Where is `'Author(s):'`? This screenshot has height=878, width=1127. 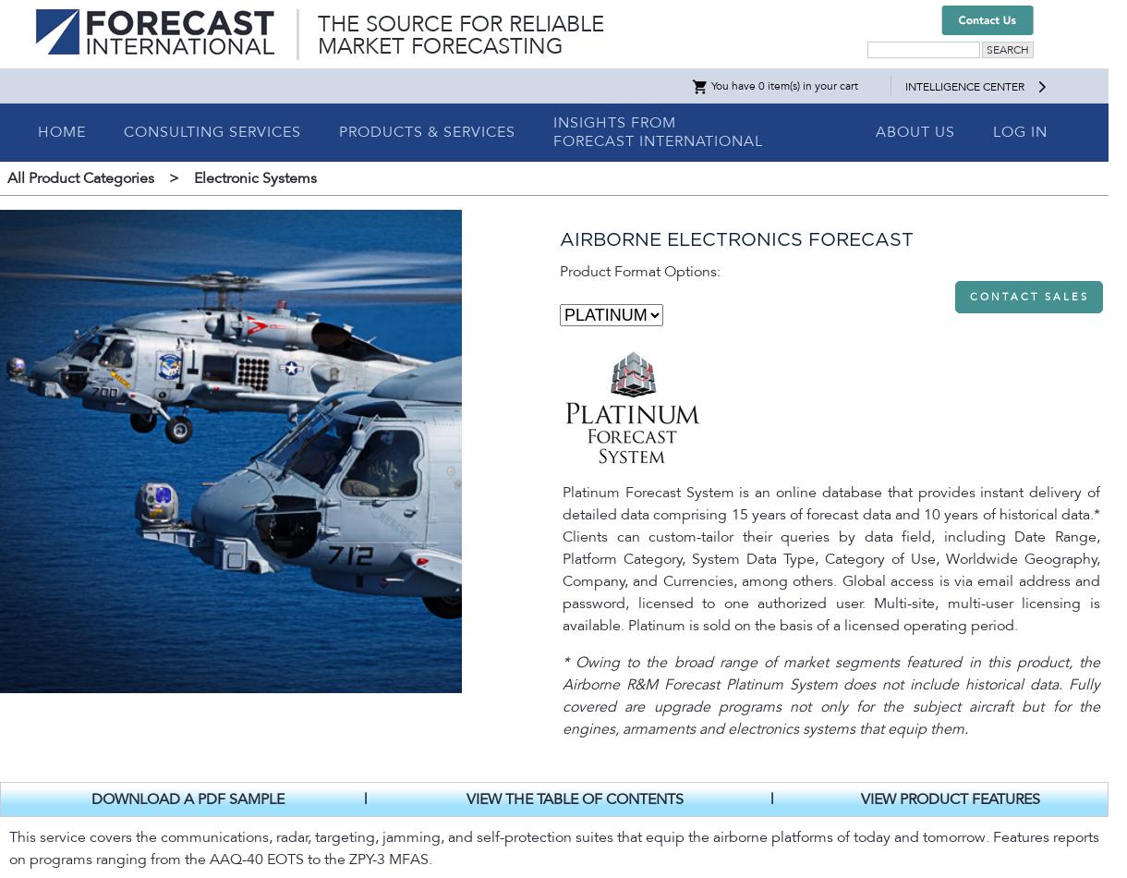
'Author(s):' is located at coordinates (36, 527).